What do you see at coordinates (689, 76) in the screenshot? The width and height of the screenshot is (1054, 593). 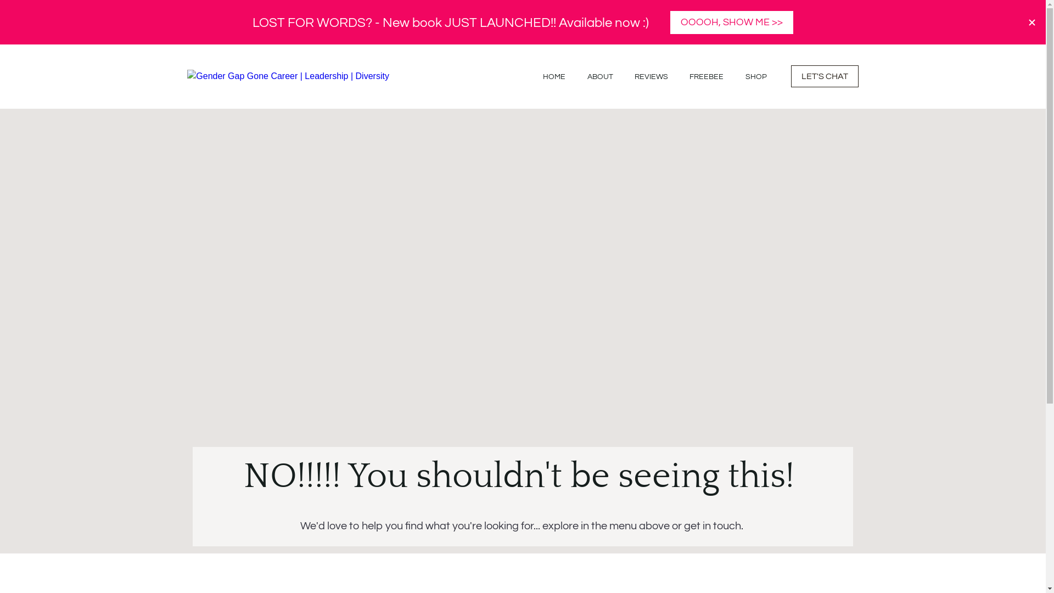 I see `'FREEBEE'` at bounding box center [689, 76].